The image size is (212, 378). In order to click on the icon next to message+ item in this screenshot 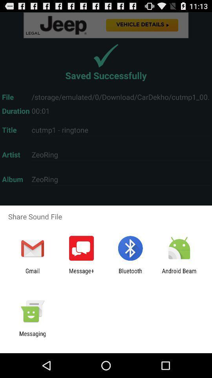, I will do `click(130, 274)`.